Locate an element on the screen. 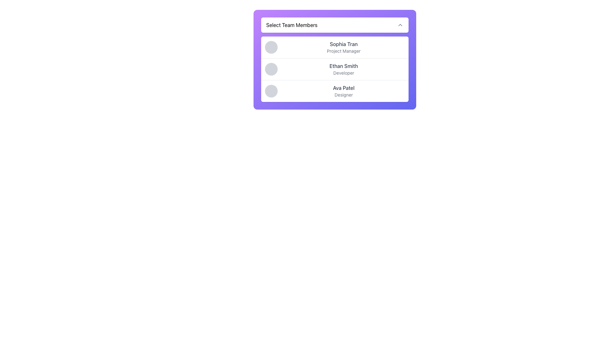  the 'Project Manager' text label located below 'Sophia Tran' in the team member selection list of the 'Select Team Members' pop-up dialog is located at coordinates (343, 51).